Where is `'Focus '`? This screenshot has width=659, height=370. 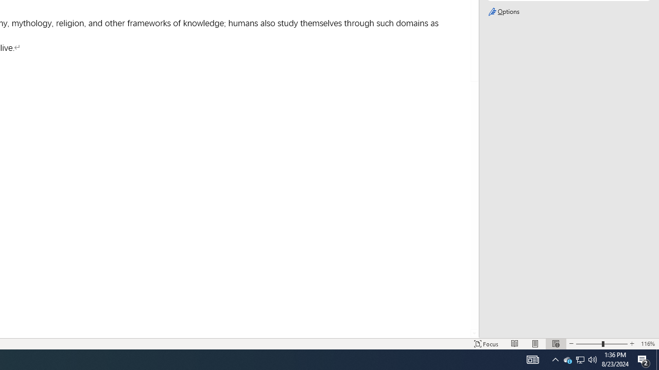
'Focus ' is located at coordinates (485, 344).